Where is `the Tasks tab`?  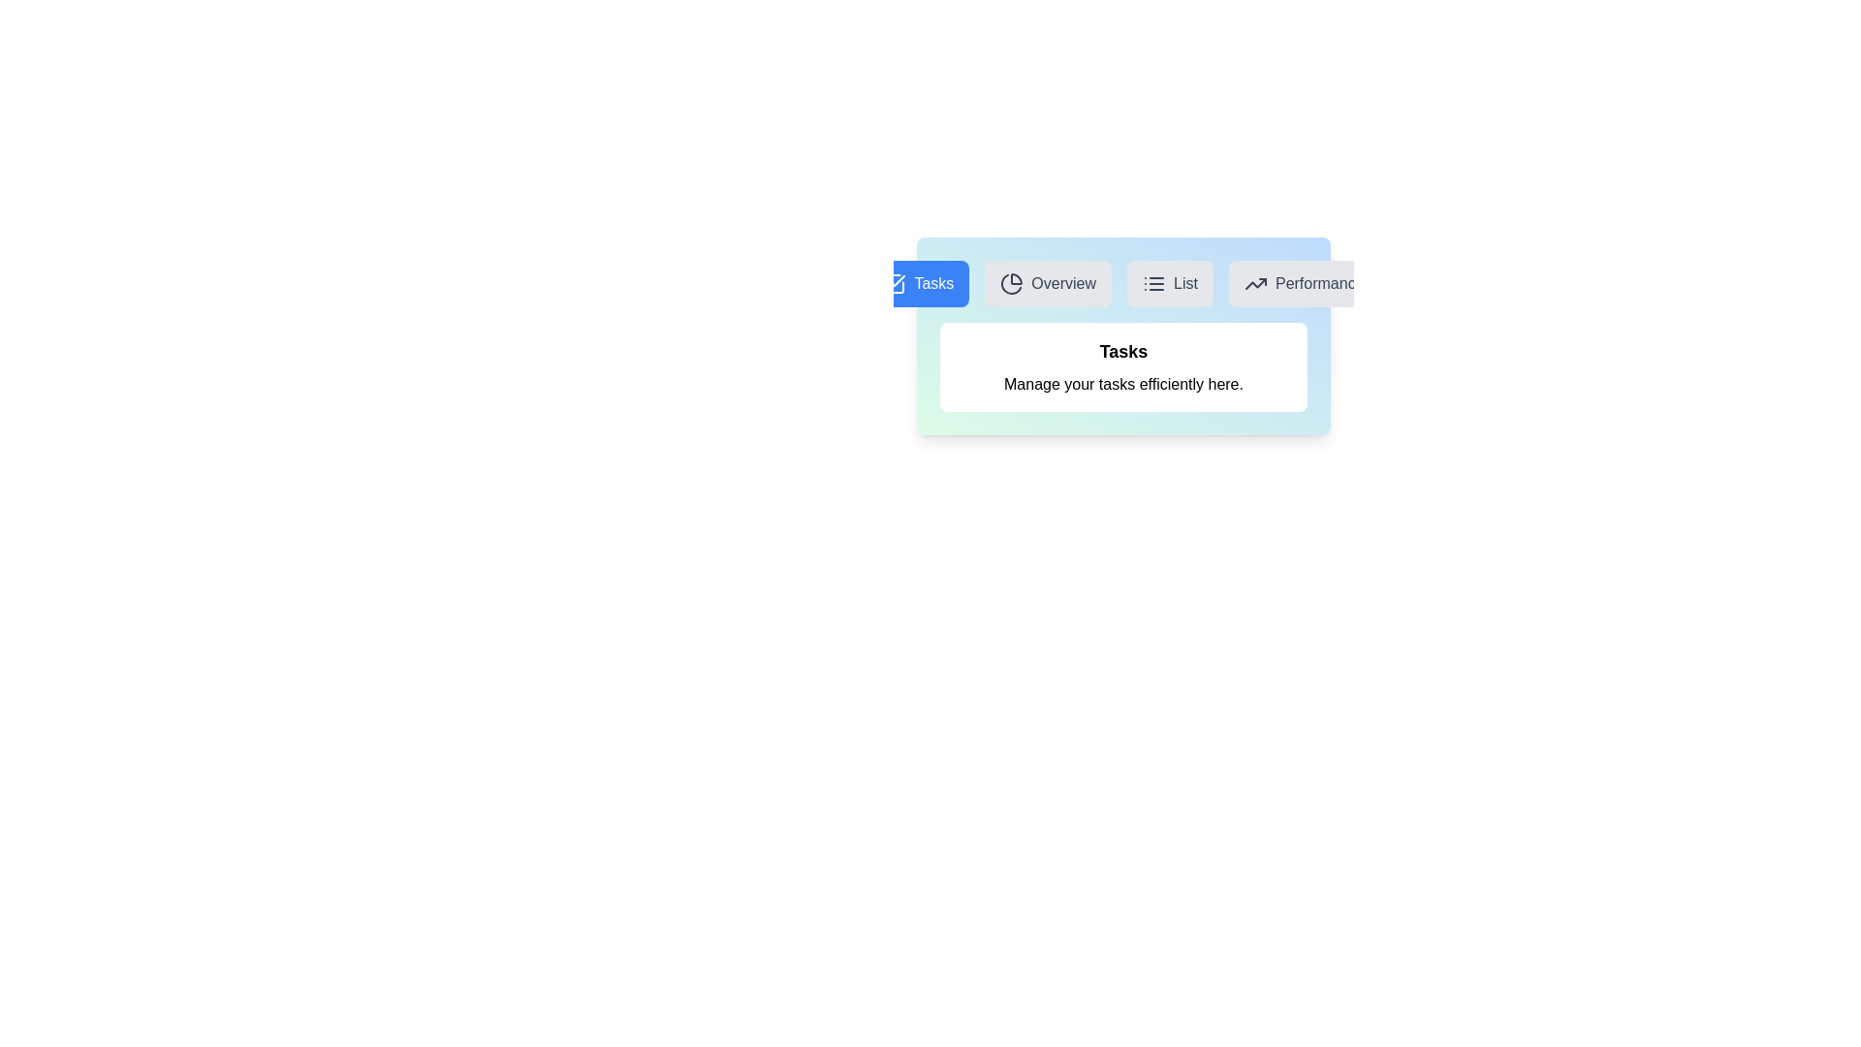 the Tasks tab is located at coordinates (916, 284).